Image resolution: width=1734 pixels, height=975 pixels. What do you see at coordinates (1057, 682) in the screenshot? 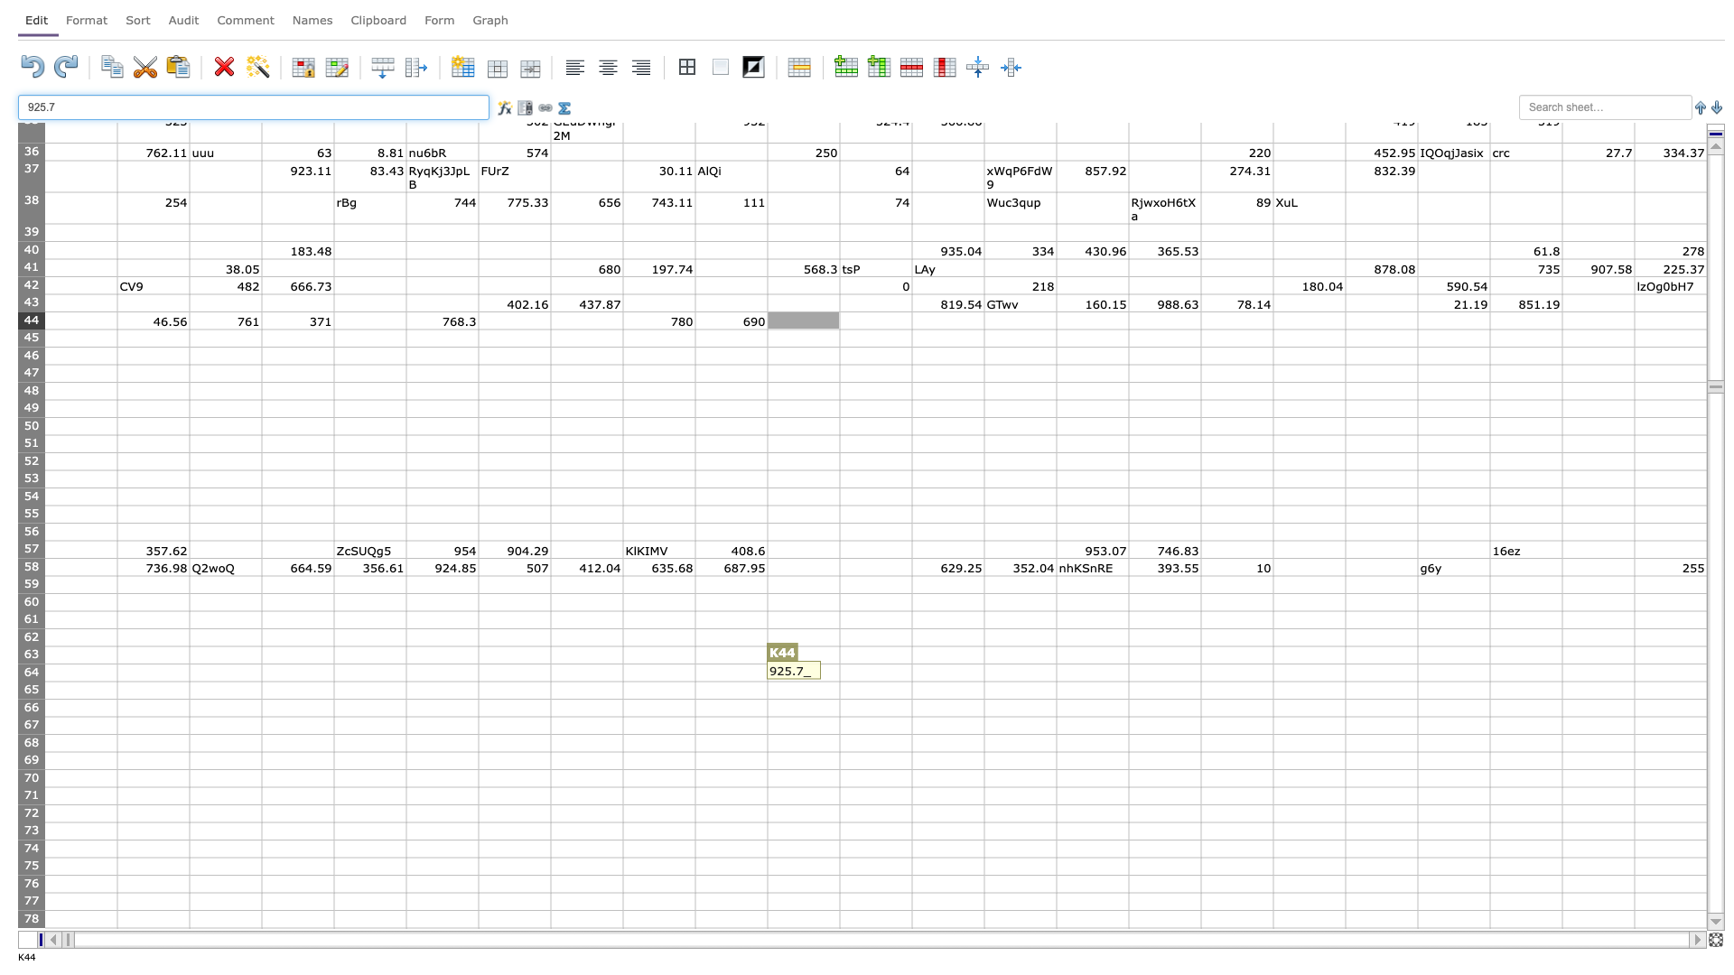
I see `bottom right corner of N64` at bounding box center [1057, 682].